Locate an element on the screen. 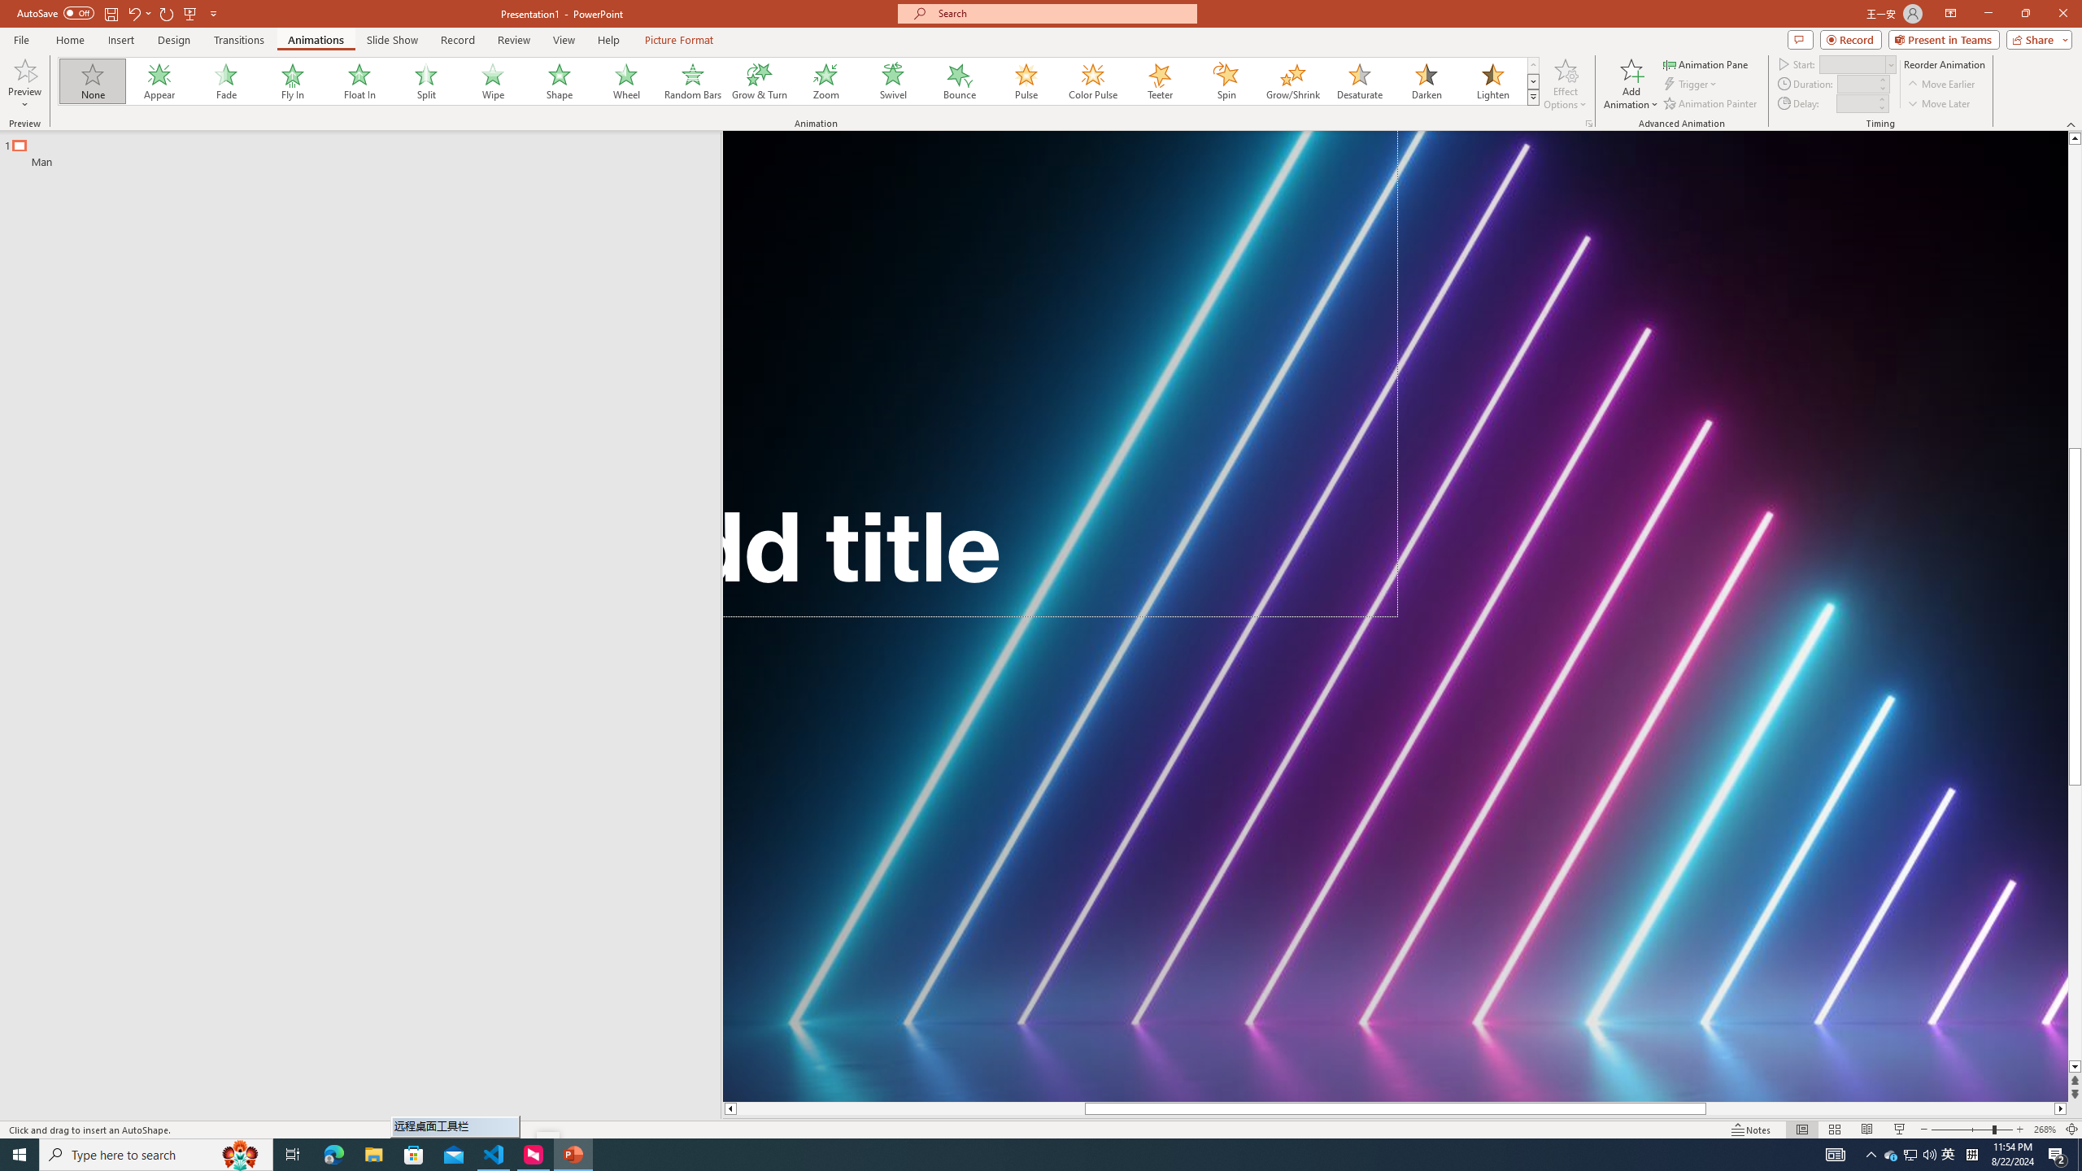 The height and width of the screenshot is (1171, 2082). 'Appear' is located at coordinates (159, 81).